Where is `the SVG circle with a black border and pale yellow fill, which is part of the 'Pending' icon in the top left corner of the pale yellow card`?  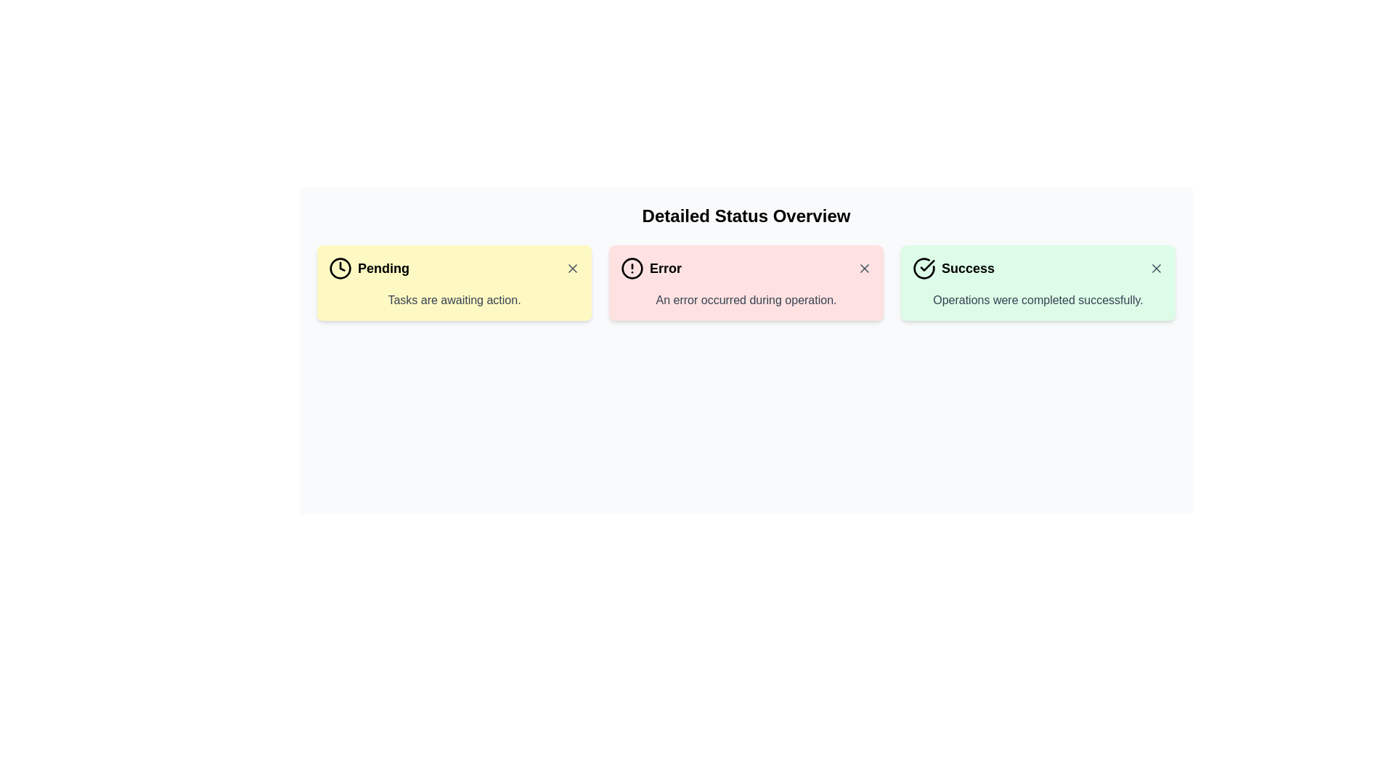 the SVG circle with a black border and pale yellow fill, which is part of the 'Pending' icon in the top left corner of the pale yellow card is located at coordinates (340, 269).